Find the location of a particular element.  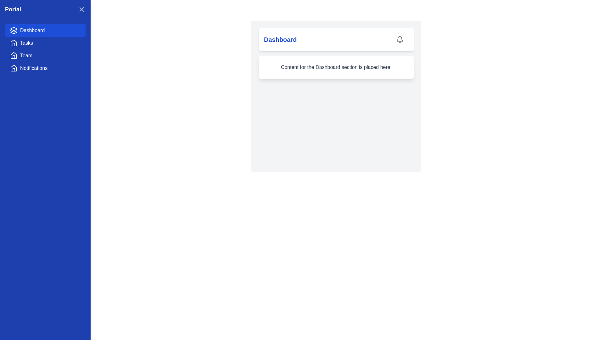

the 'Dashboard' navigation item in the sidebar menu is located at coordinates (45, 30).